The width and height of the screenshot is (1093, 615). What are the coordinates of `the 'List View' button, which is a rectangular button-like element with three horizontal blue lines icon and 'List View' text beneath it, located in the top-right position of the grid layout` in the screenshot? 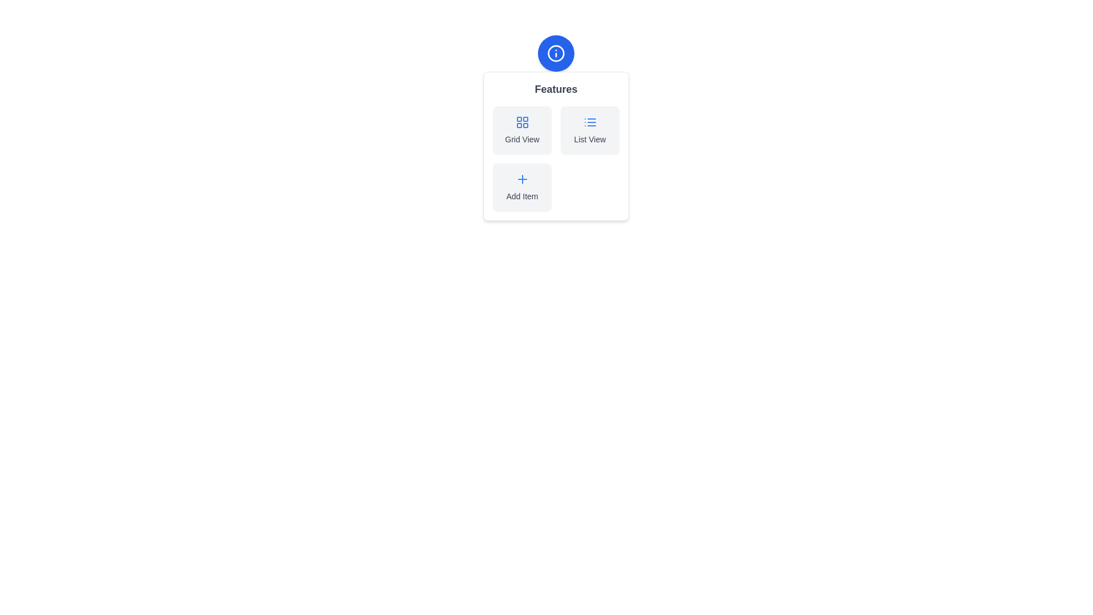 It's located at (590, 129).